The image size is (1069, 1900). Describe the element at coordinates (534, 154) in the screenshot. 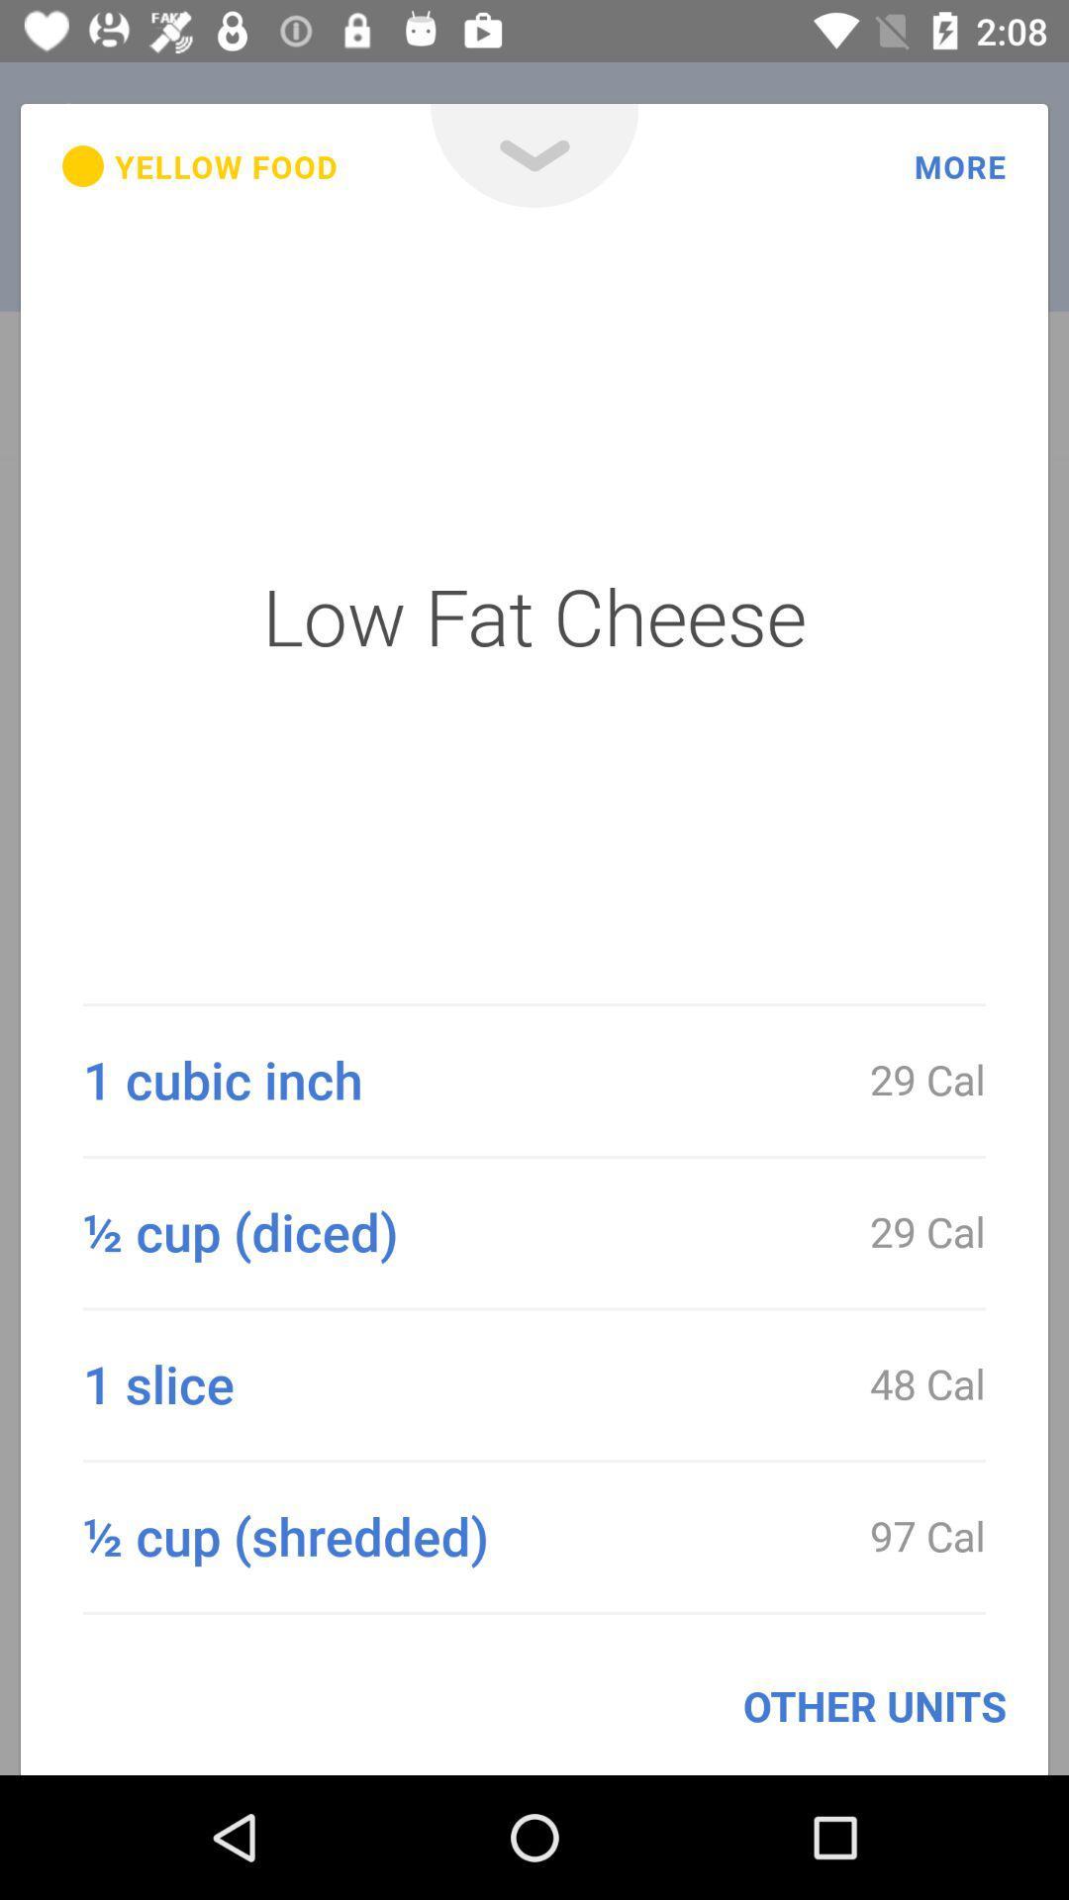

I see `swipe down from the top of the screen` at that location.